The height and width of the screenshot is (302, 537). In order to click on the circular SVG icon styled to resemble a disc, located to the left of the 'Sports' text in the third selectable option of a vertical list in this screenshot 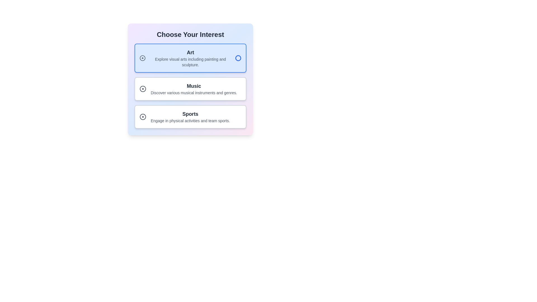, I will do `click(143, 116)`.